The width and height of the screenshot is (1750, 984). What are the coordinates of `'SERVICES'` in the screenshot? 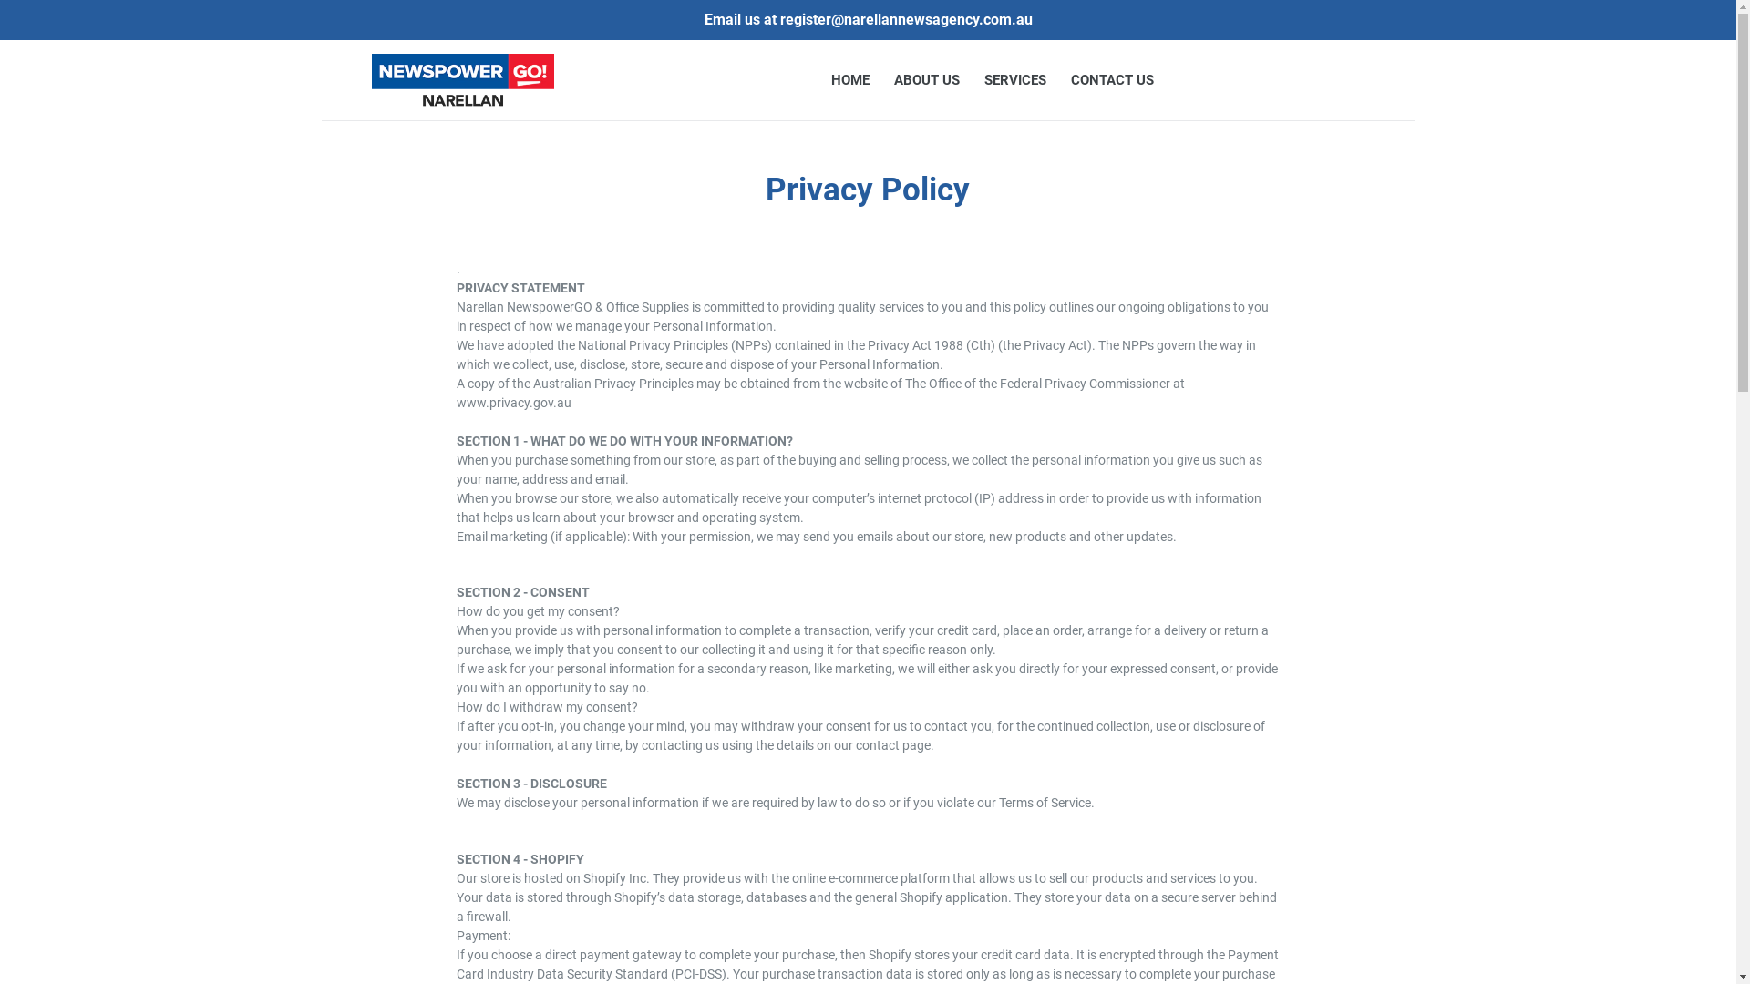 It's located at (1014, 79).